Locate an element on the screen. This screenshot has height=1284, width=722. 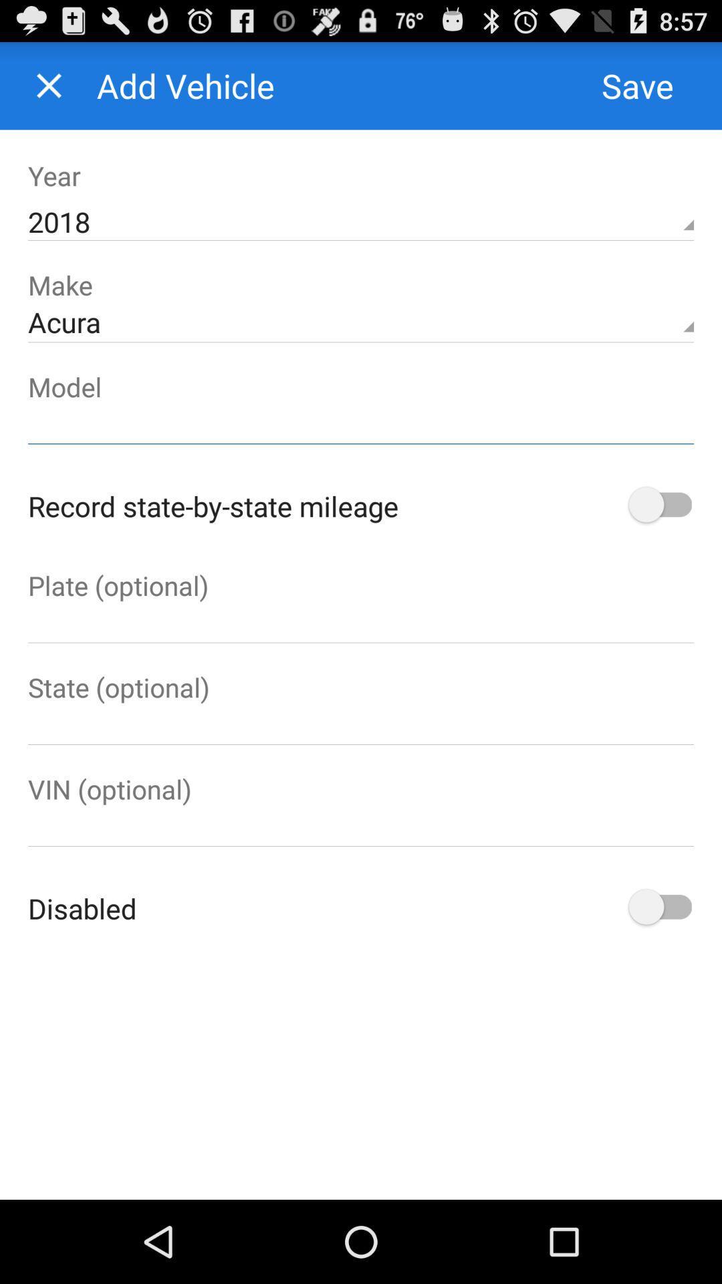
disabled option is located at coordinates (658, 908).